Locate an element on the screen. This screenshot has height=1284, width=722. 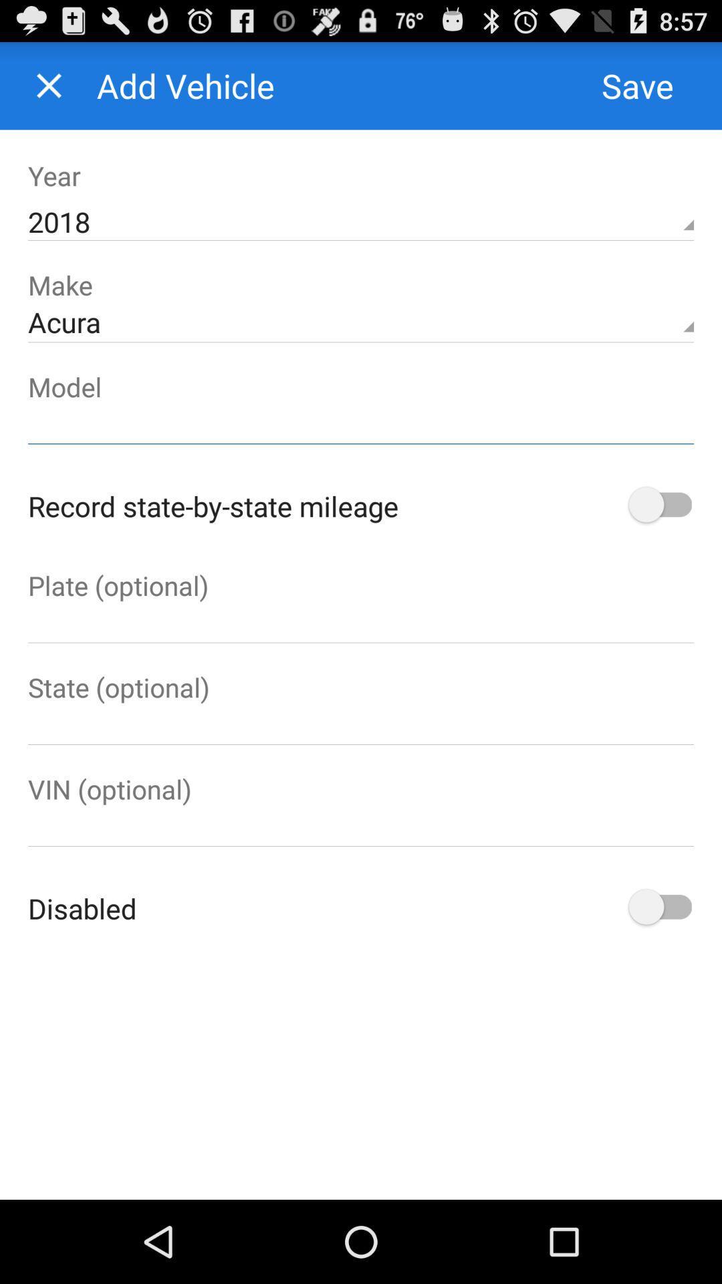
disabled option is located at coordinates (658, 908).